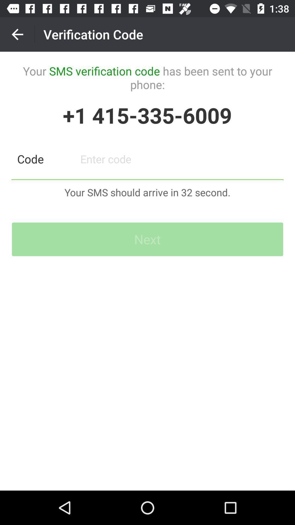 The image size is (295, 525). What do you see at coordinates (179, 159) in the screenshot?
I see `code entry field` at bounding box center [179, 159].